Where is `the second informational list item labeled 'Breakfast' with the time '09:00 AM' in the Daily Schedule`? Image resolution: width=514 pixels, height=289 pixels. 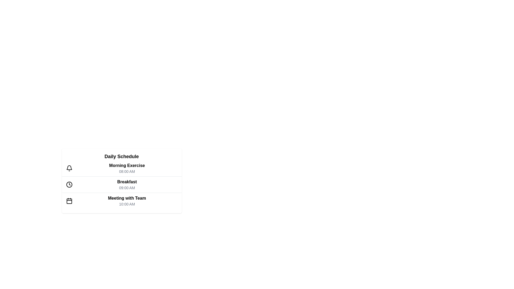 the second informational list item labeled 'Breakfast' with the time '09:00 AM' in the Daily Schedule is located at coordinates (121, 181).